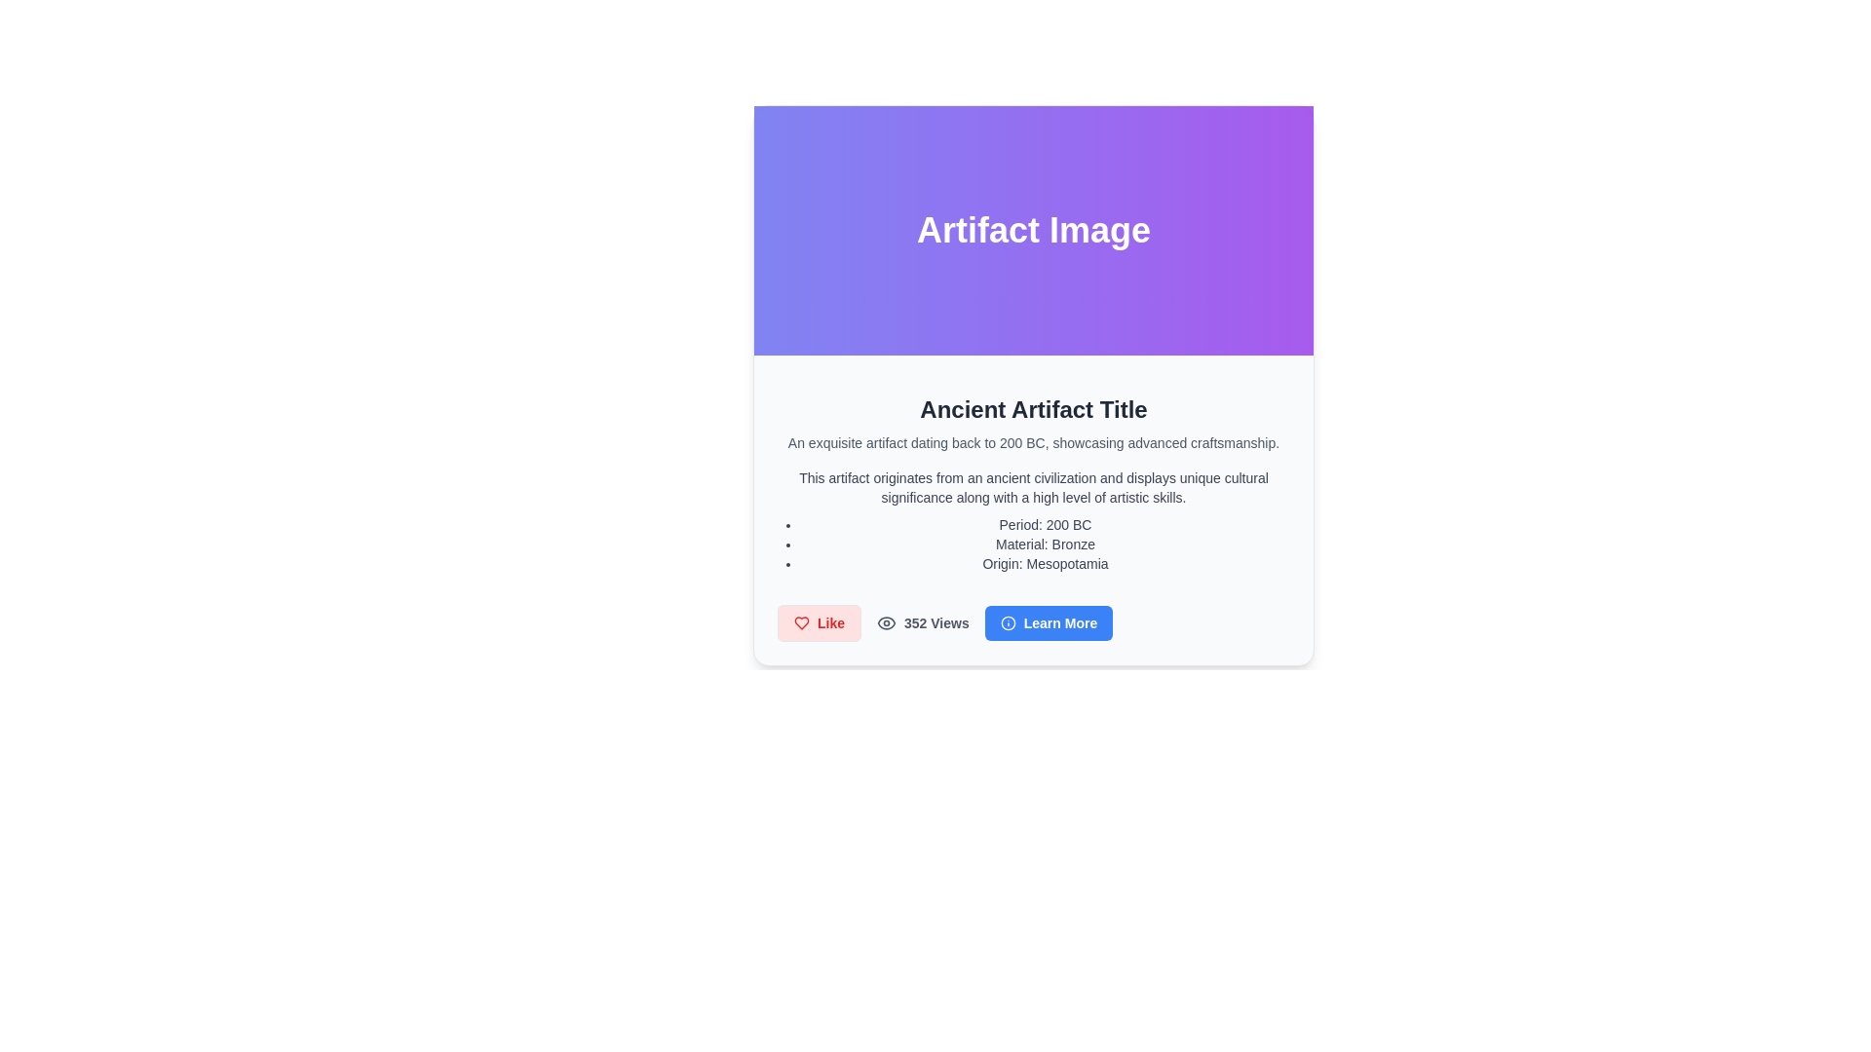 This screenshot has width=1871, height=1052. I want to click on the static text element providing a brief description of the artifact, located directly beneath the title 'Ancient Artifact Title', so click(1032, 443).